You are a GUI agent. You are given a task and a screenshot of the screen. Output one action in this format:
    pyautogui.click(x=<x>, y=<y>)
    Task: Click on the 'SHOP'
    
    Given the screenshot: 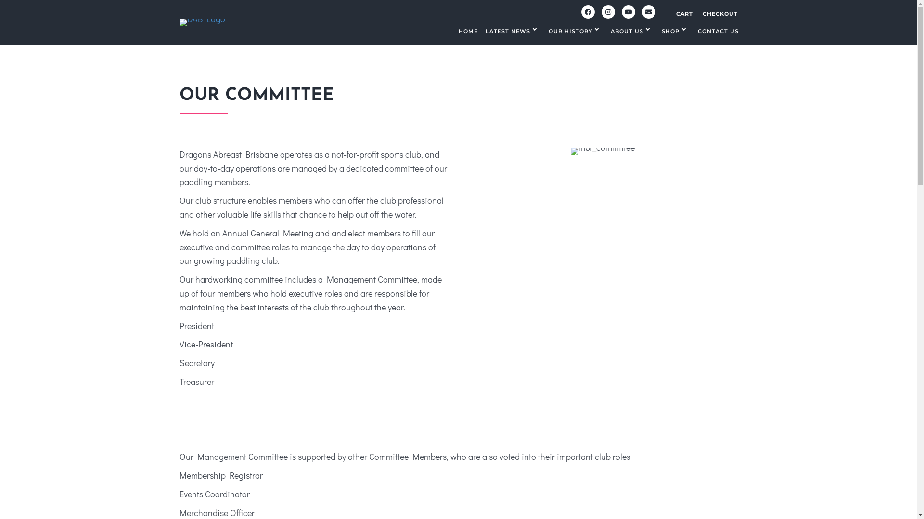 What is the action you would take?
    pyautogui.click(x=657, y=31)
    